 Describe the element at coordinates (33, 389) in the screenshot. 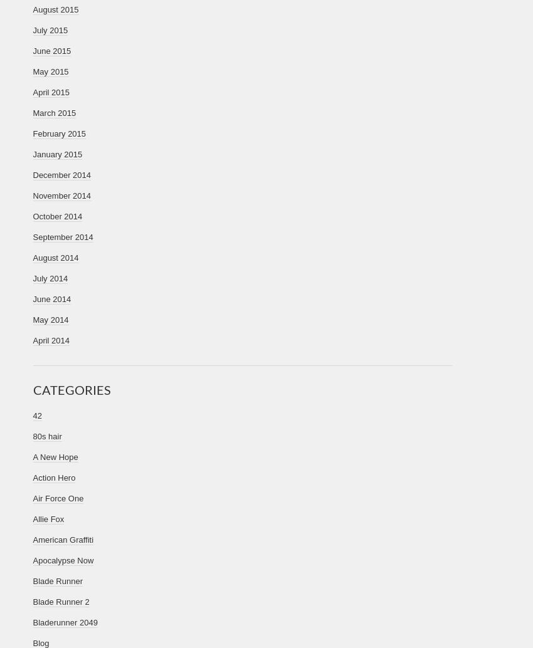

I see `'Categories'` at that location.